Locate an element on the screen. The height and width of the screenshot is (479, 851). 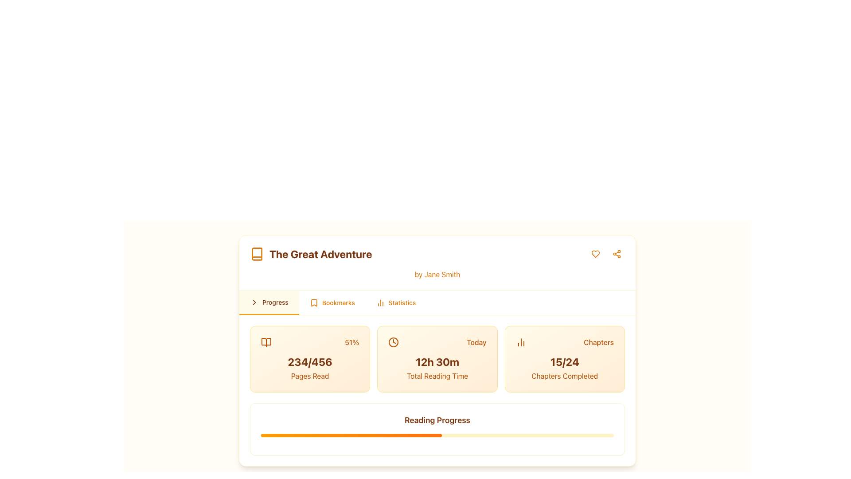
the reading progress icon located in the top-left corner of the box under 'Progress', adjacent to the '51%' text is located at coordinates (265, 342).